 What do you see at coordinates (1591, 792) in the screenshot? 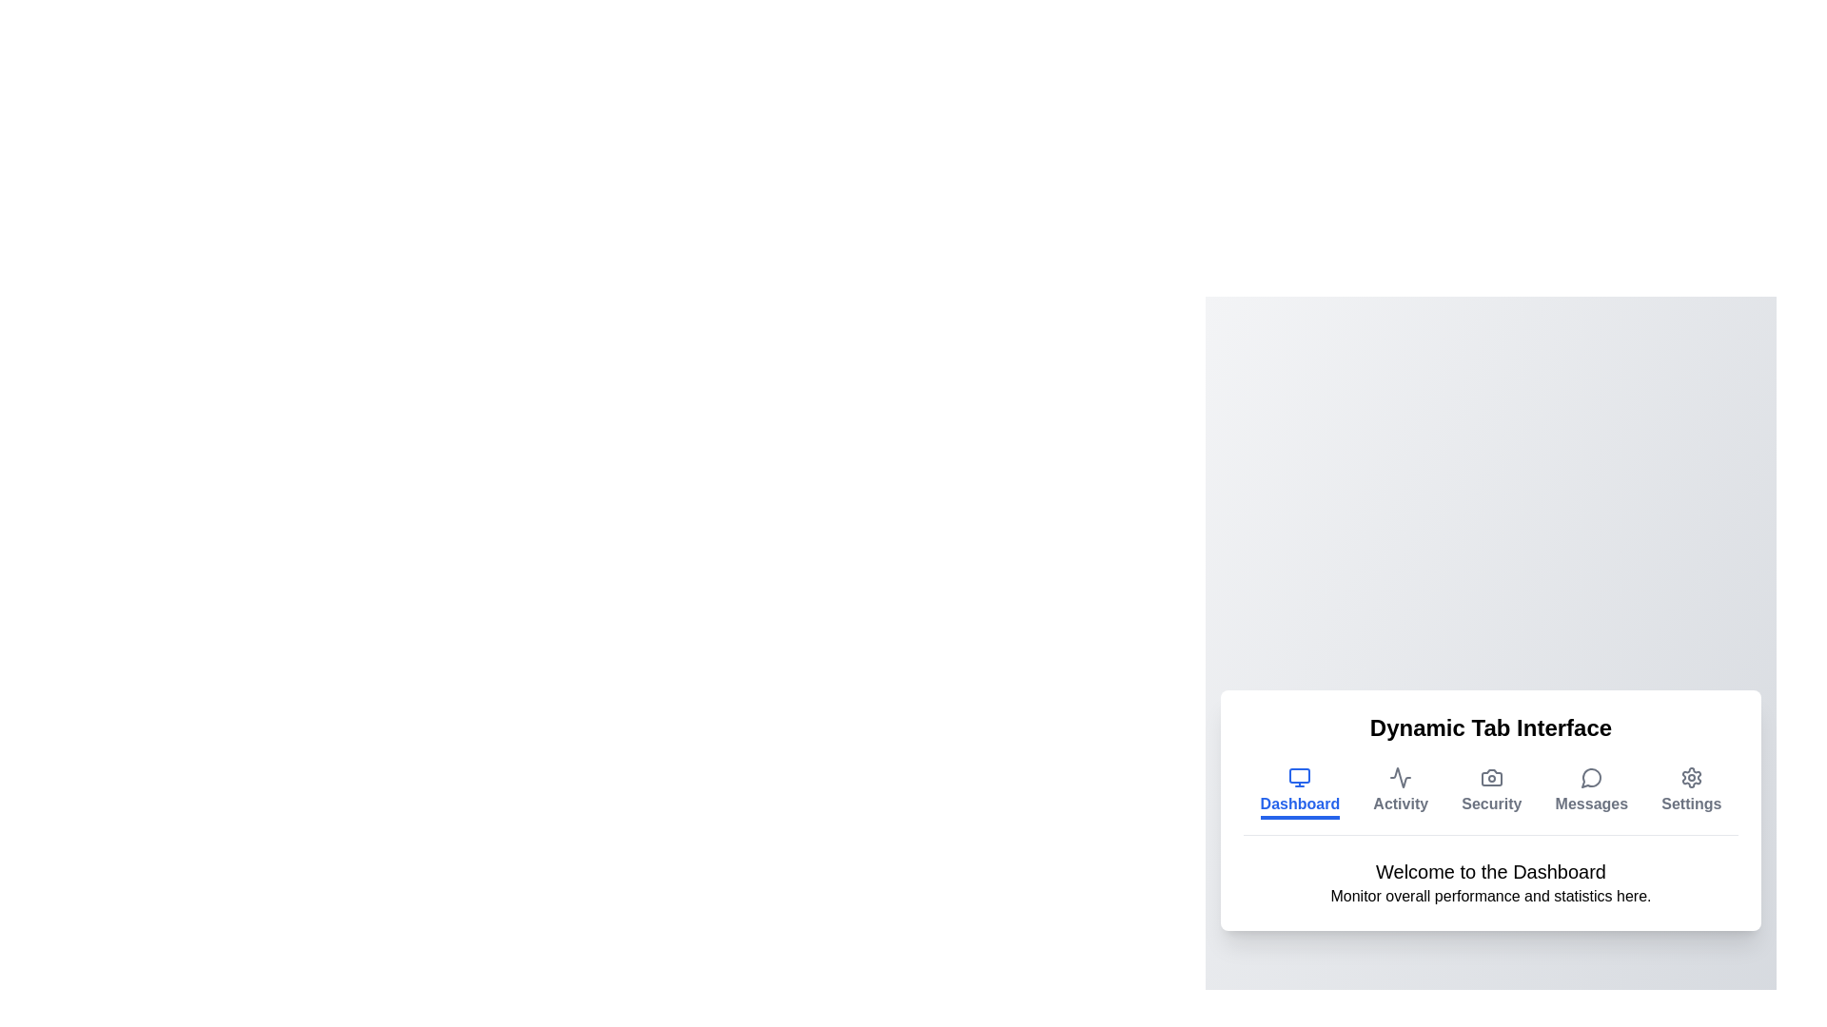
I see `the 'Messages' navigational tab button, which is the fourth item in the tab bar located at the bottom of the card element` at bounding box center [1591, 792].